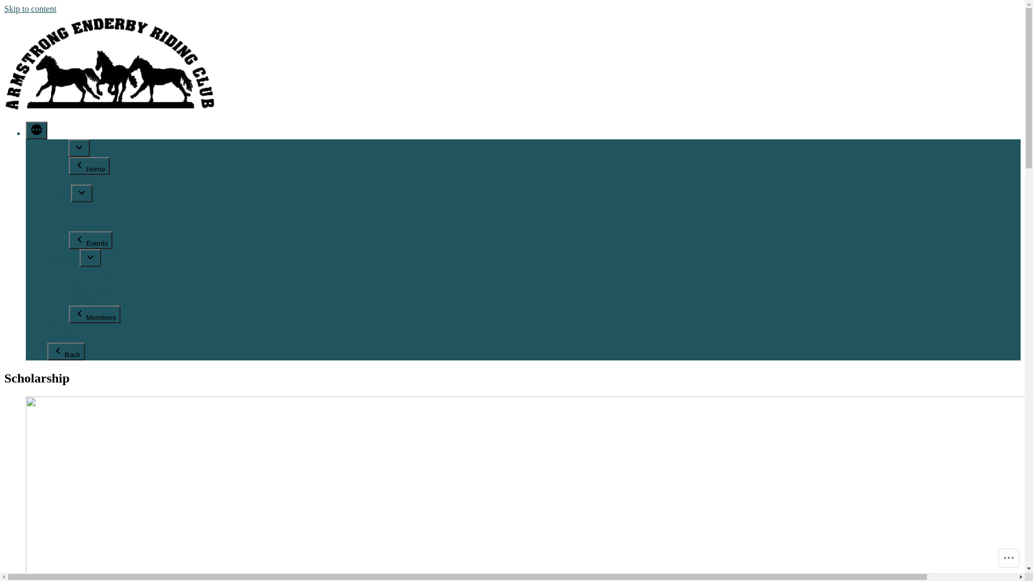 This screenshot has width=1033, height=581. I want to click on 'Shows', so click(80, 207).